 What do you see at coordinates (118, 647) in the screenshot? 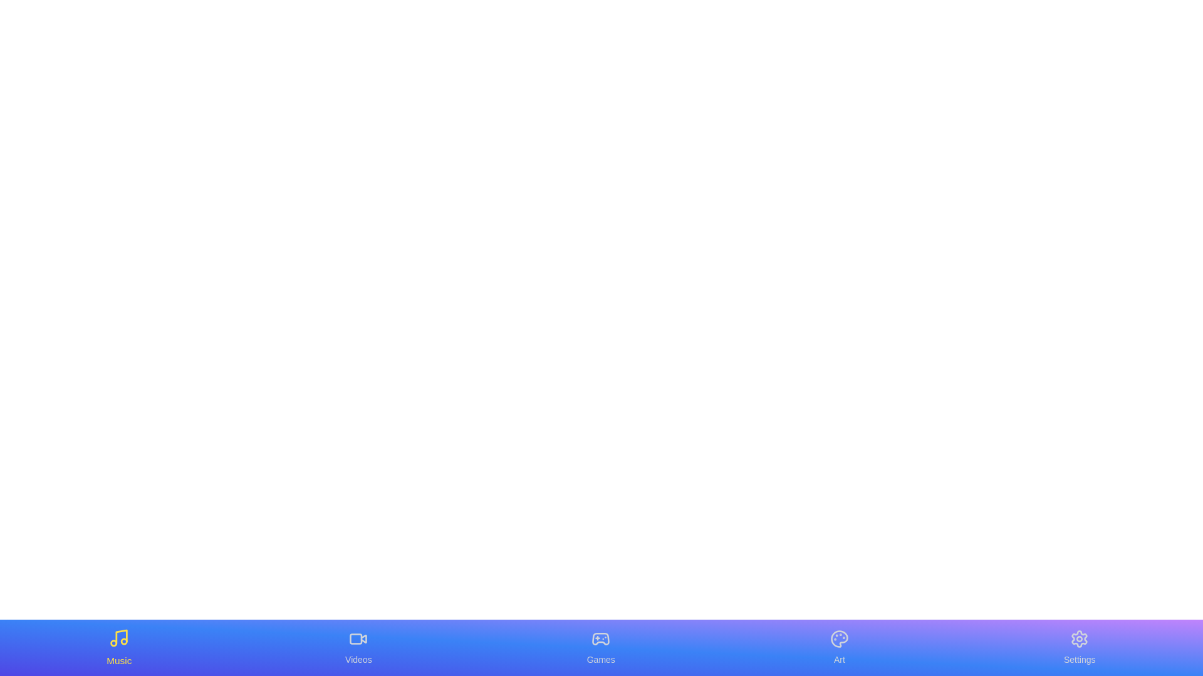
I see `the Music tab by clicking on its icon` at bounding box center [118, 647].